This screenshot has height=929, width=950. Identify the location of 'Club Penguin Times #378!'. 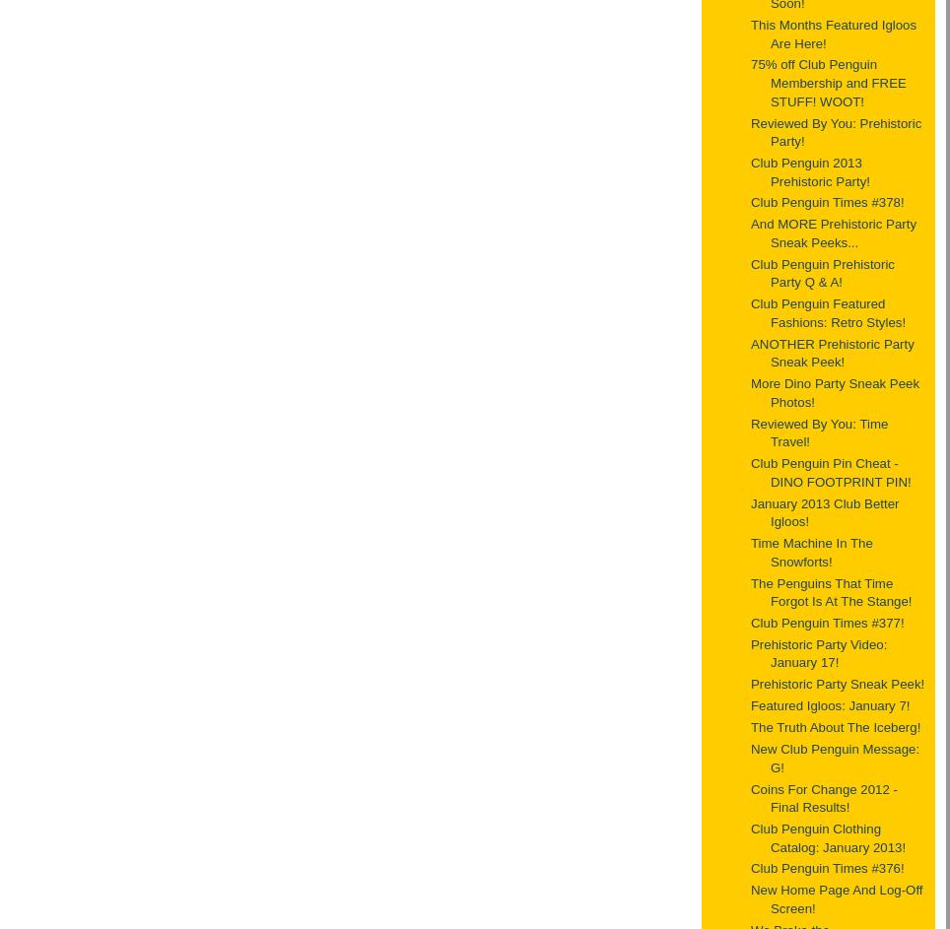
(826, 201).